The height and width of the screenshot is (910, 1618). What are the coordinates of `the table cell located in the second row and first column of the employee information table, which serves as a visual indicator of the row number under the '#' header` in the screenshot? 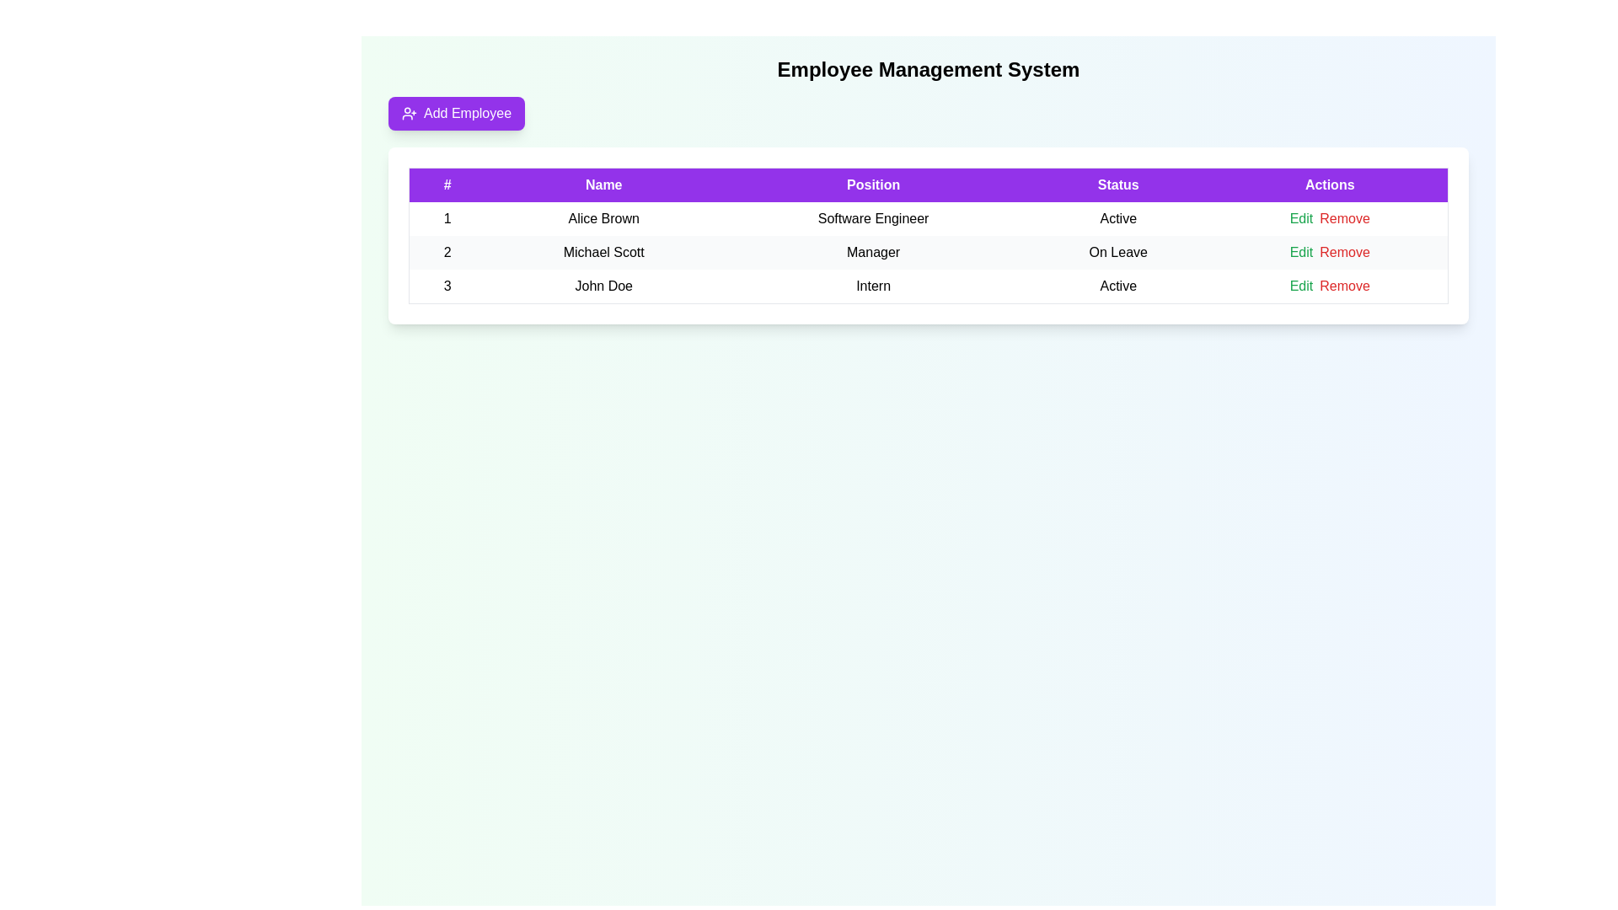 It's located at (447, 253).